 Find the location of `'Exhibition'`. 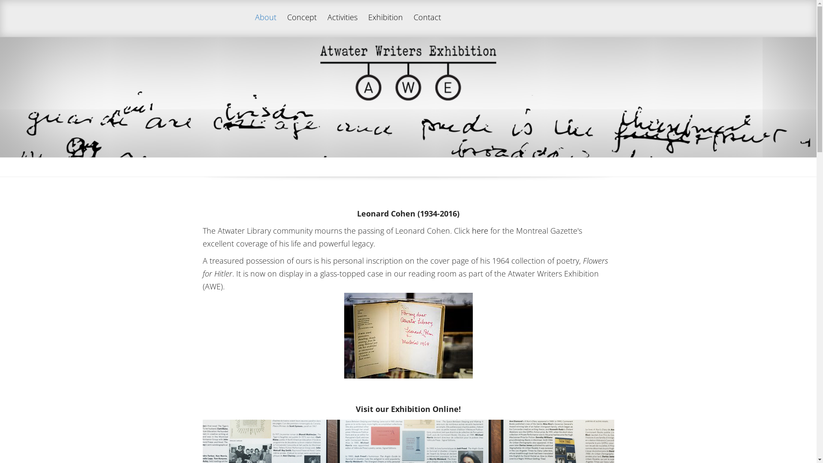

'Exhibition' is located at coordinates (363, 24).